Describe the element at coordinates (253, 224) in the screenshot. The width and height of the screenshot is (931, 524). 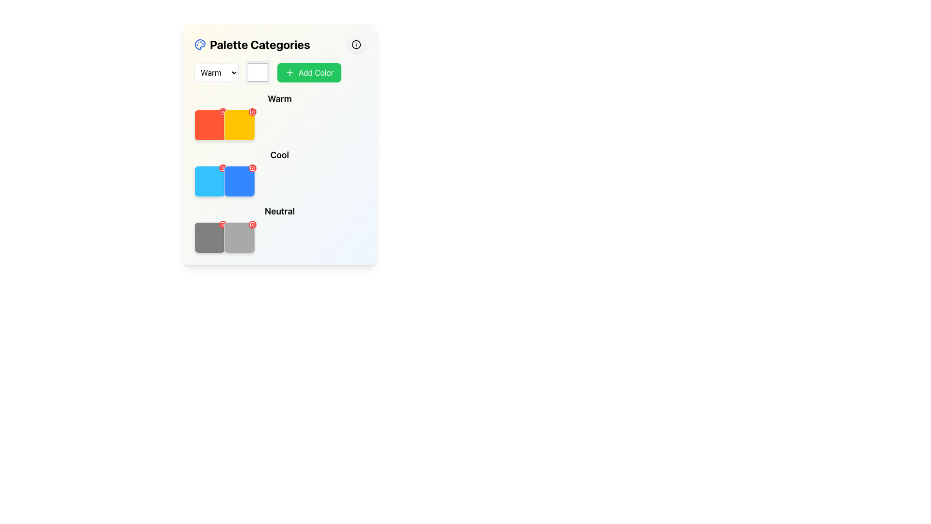
I see `the delete button located at the top-right corner of the last tile in the 'Neutral' category` at that location.